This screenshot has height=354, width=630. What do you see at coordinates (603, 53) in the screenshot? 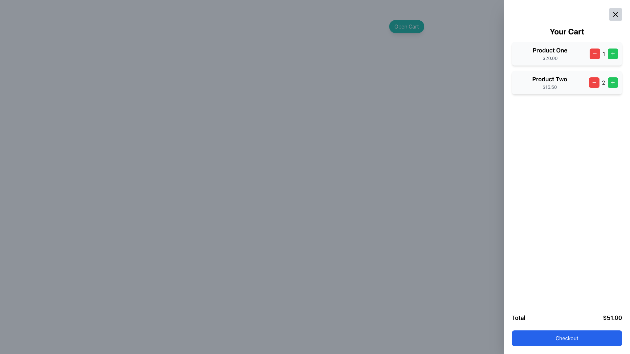
I see `the numeric counter that indicates the quantity of items in the cart, located between the red minus button and the green plus button in the cart interface` at bounding box center [603, 53].